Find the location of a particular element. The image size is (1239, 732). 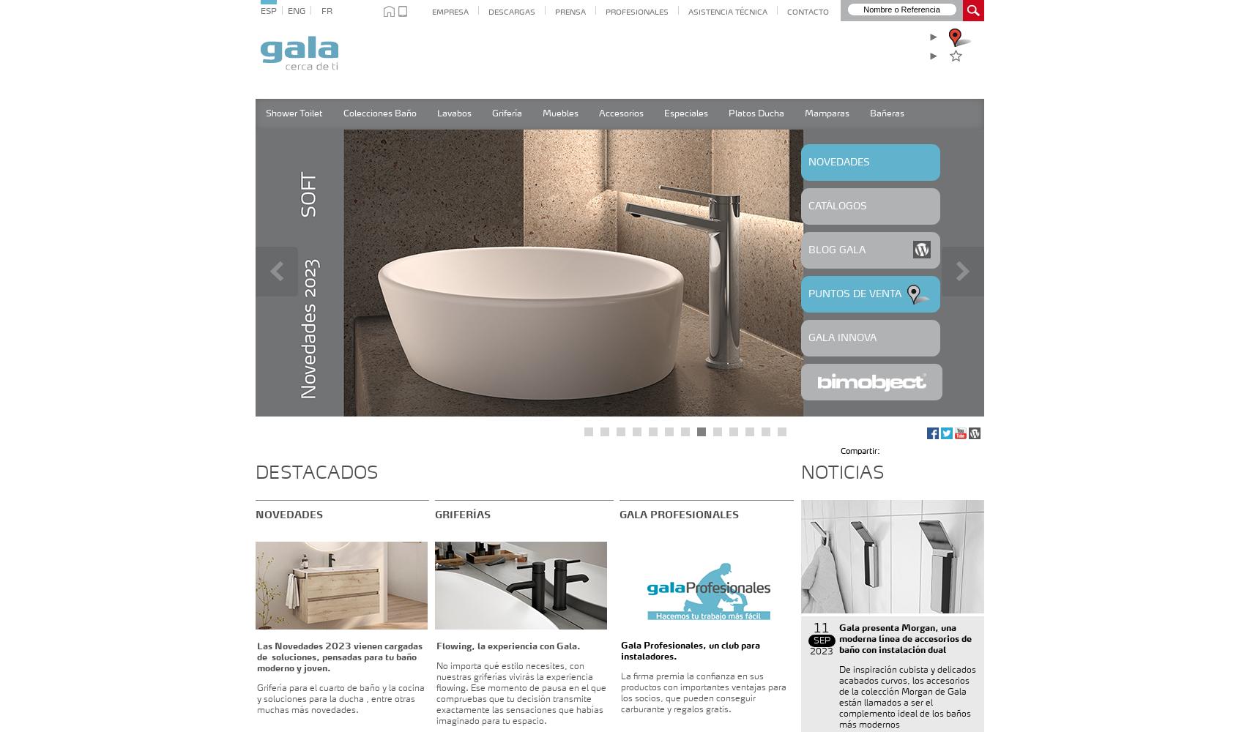

'BLOG GALA' is located at coordinates (835, 250).